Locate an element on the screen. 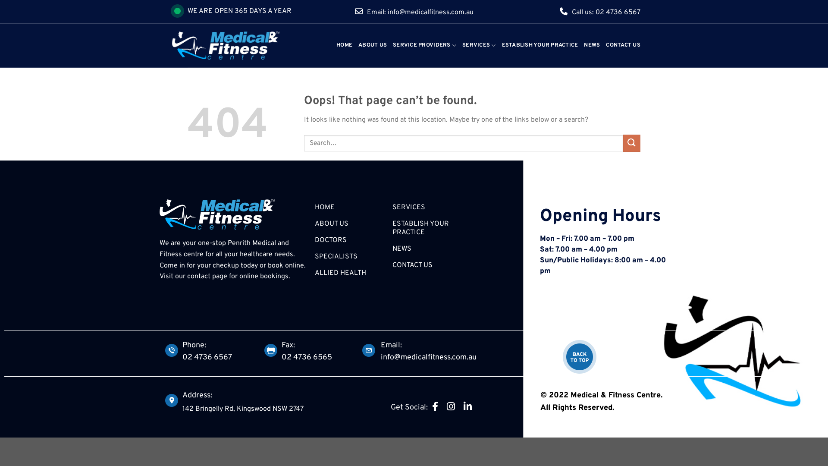 This screenshot has width=828, height=466. 'ABOUT US' is located at coordinates (373, 45).